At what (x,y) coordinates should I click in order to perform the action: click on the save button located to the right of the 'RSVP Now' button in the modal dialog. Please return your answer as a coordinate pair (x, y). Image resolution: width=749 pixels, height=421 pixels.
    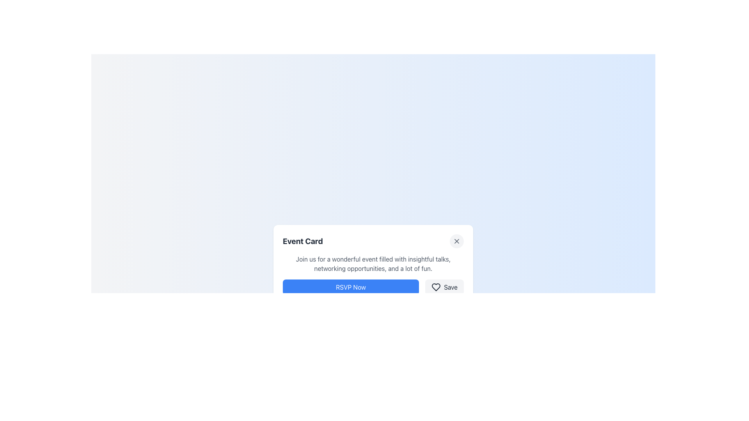
    Looking at the image, I should click on (444, 287).